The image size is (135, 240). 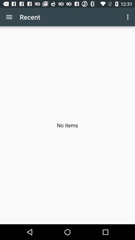 I want to click on the icon to the right of recent app, so click(x=128, y=17).